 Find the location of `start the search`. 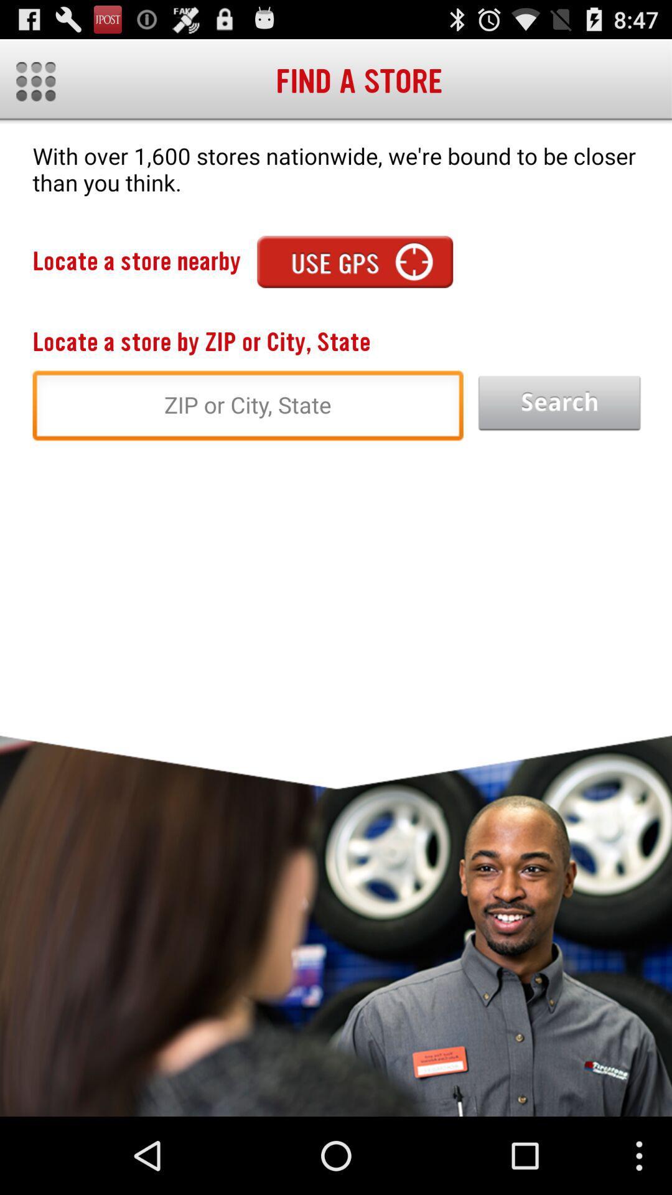

start the search is located at coordinates (559, 403).